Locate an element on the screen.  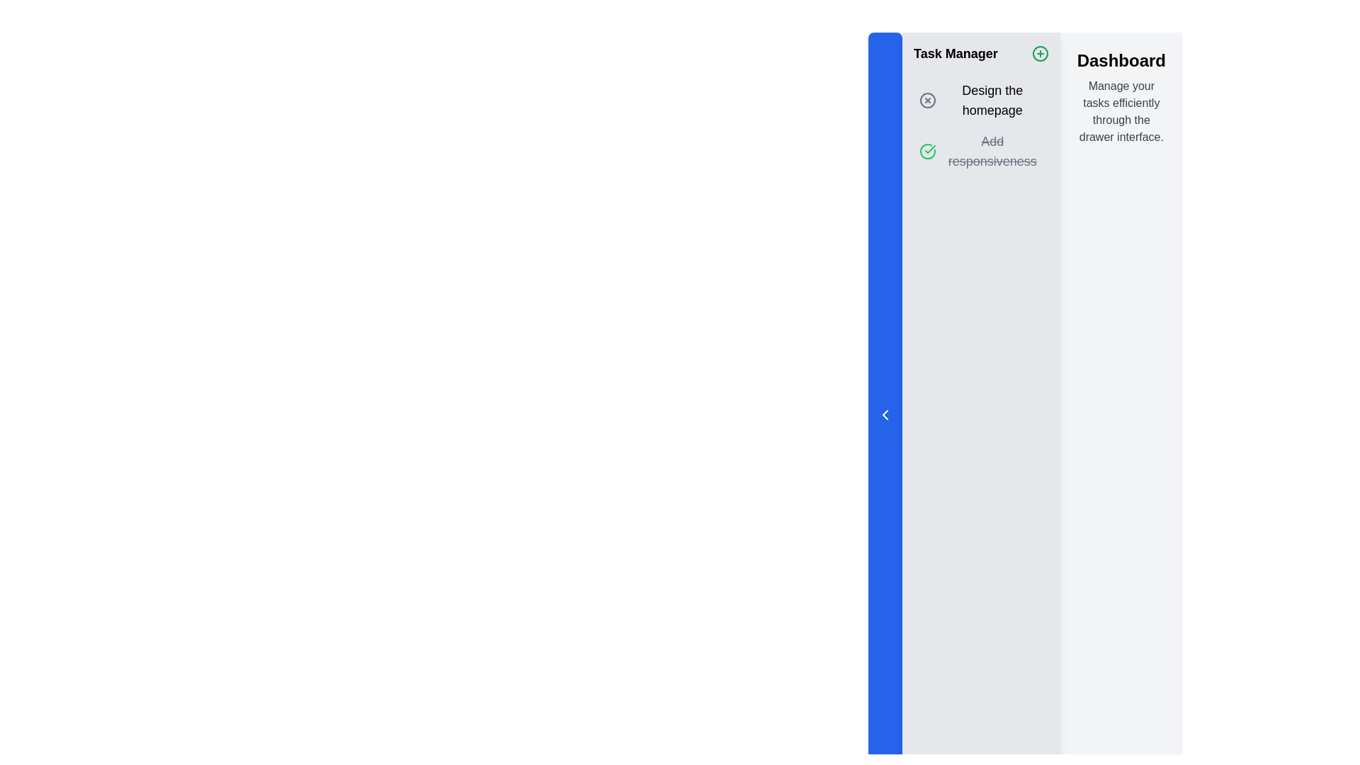
the text label that provides guidance on task management located below the 'Dashboard' header on the right panel of the interface is located at coordinates (1121, 111).